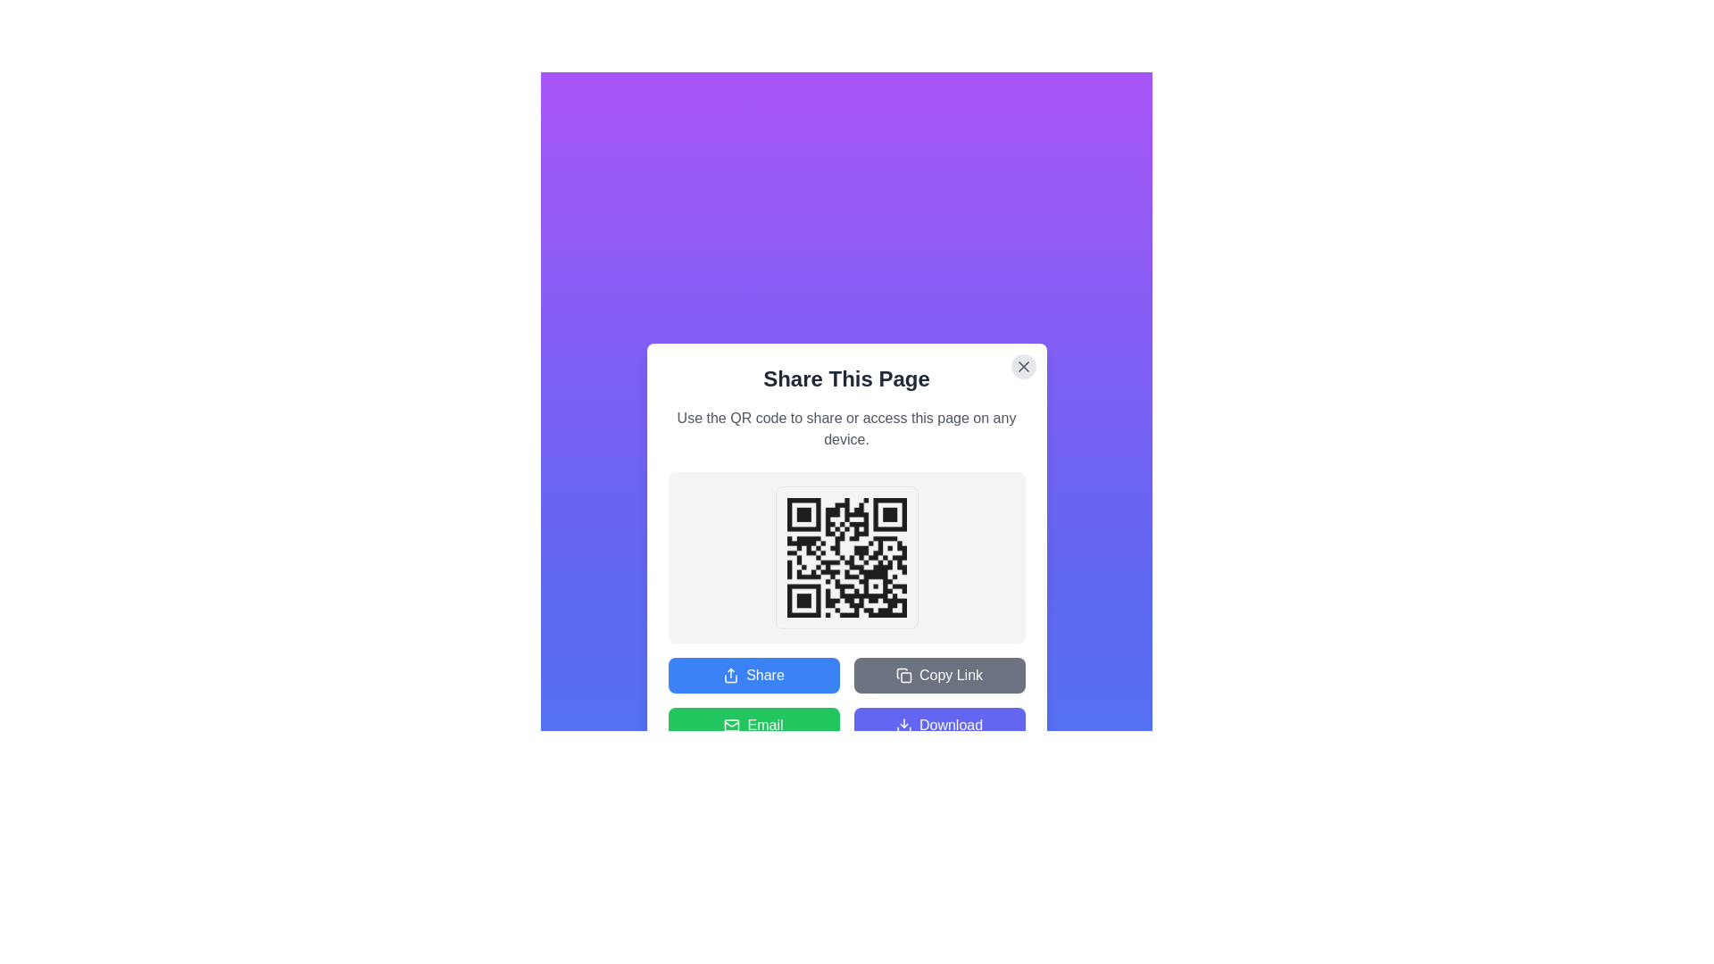 The image size is (1714, 964). Describe the element at coordinates (845, 378) in the screenshot. I see `the header text 'Share This Page' which is displayed in a bold, large font and centrally aligned within the dialog box` at that location.